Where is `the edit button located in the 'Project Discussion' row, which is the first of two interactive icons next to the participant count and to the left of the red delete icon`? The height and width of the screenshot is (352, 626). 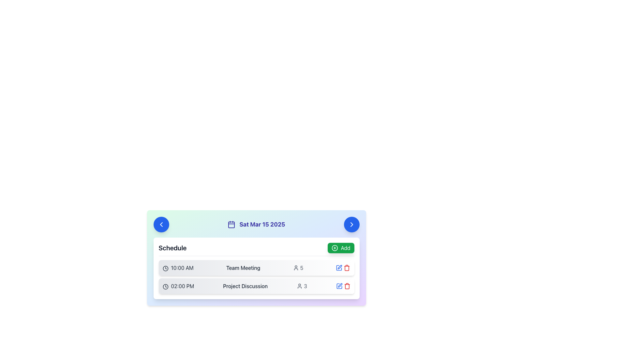
the edit button located in the 'Project Discussion' row, which is the first of two interactive icons next to the participant count and to the left of the red delete icon is located at coordinates (339, 286).